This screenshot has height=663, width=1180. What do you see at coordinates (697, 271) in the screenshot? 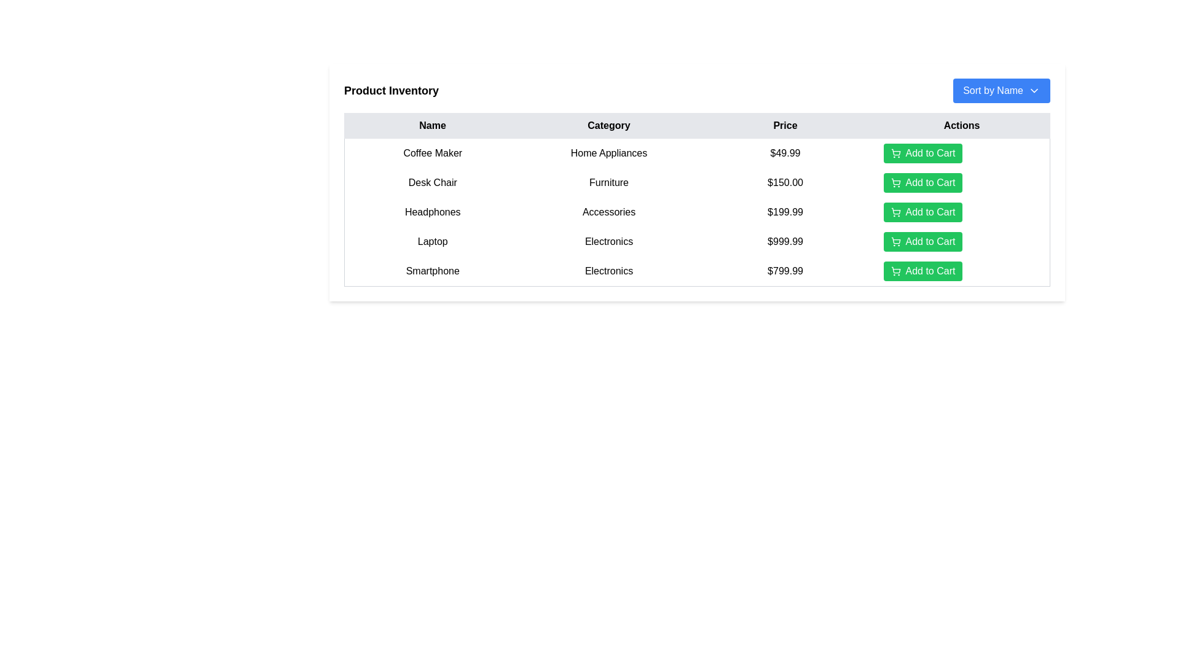
I see `the last row in the product inventory table displaying the product name 'Smartphone', category 'Electronics', and price '$799.99'` at bounding box center [697, 271].